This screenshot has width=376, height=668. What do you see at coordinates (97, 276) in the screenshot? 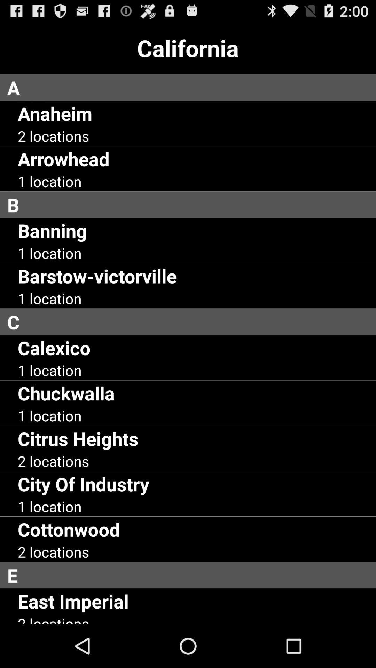
I see `barstow-victorville icon` at bounding box center [97, 276].